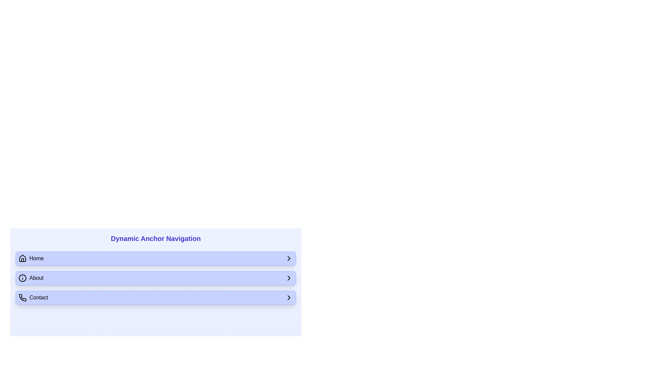 The image size is (649, 365). I want to click on the 'About' navigation button, which is a light indigo rectangular button with rounded corners, located below the 'Home' button in the vertical list of navigation buttons, so click(155, 278).